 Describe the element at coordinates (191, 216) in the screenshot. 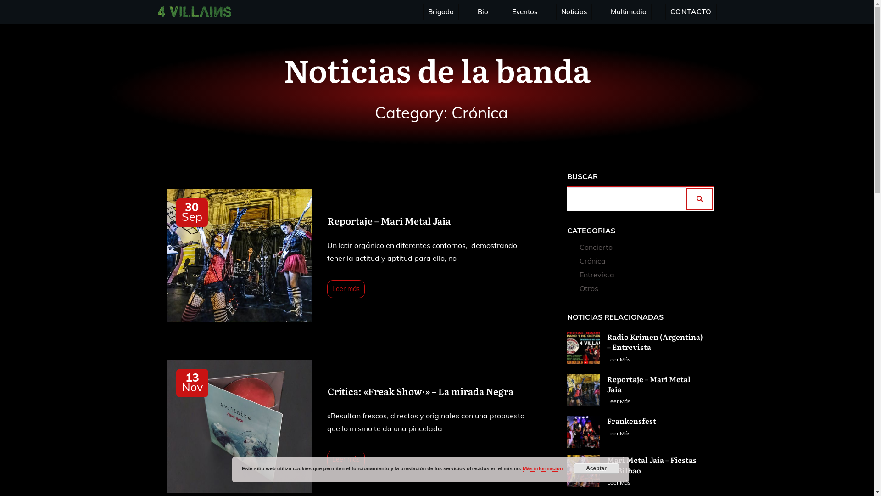

I see `'Sep'` at that location.